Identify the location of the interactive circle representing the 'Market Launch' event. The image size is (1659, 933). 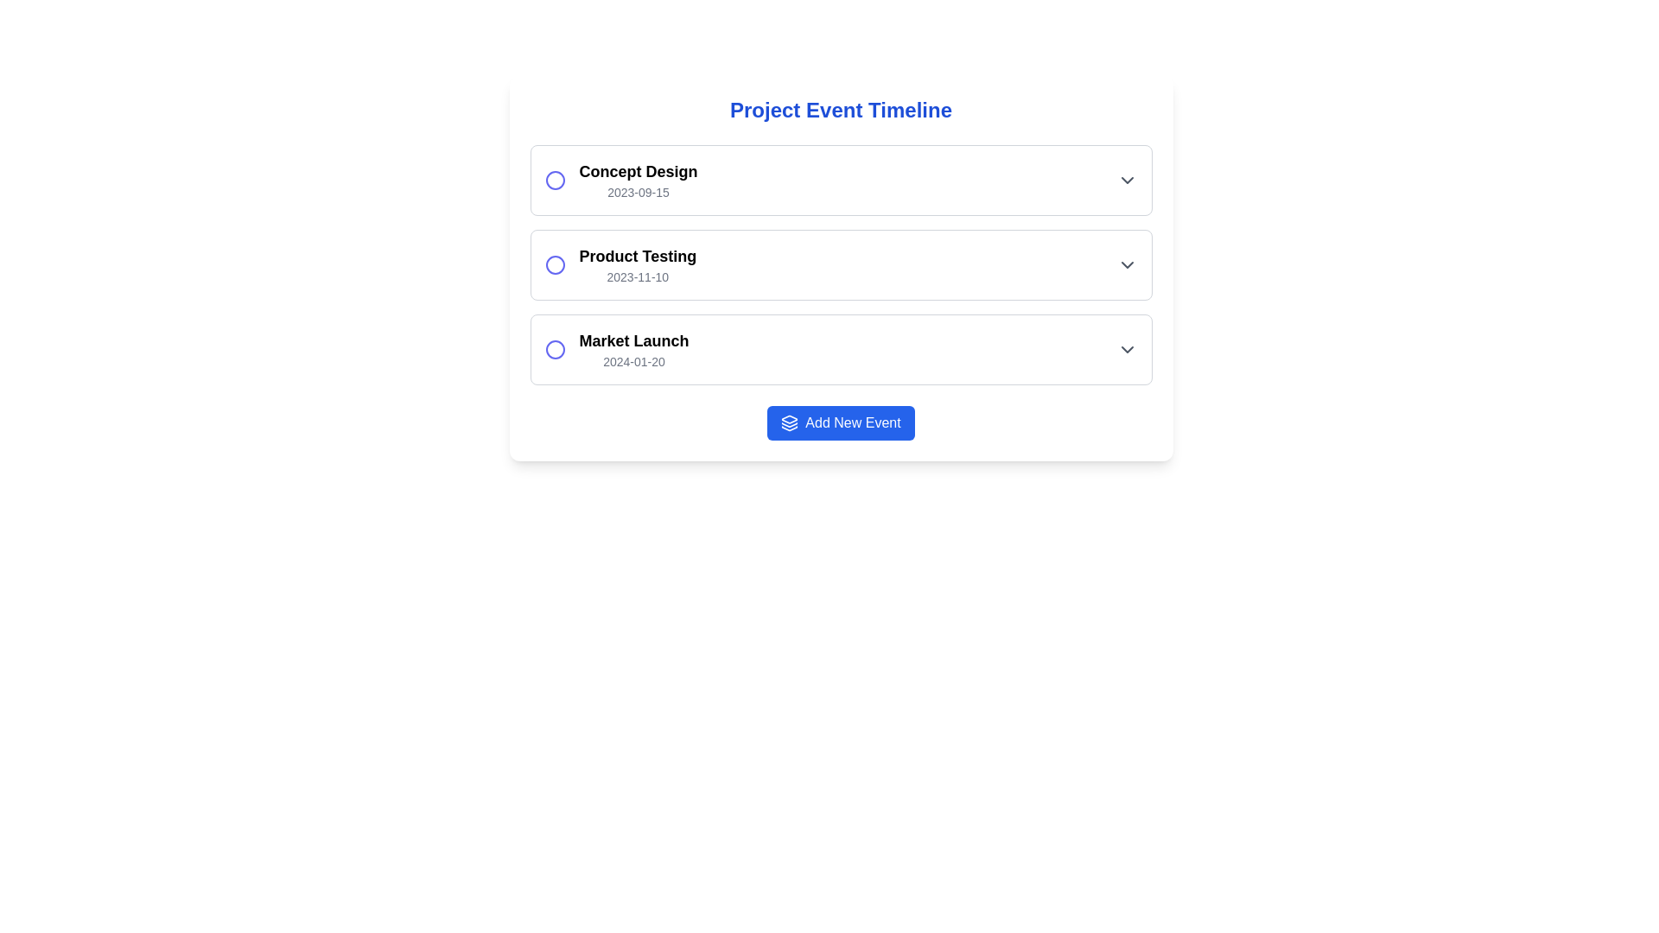
(555, 350).